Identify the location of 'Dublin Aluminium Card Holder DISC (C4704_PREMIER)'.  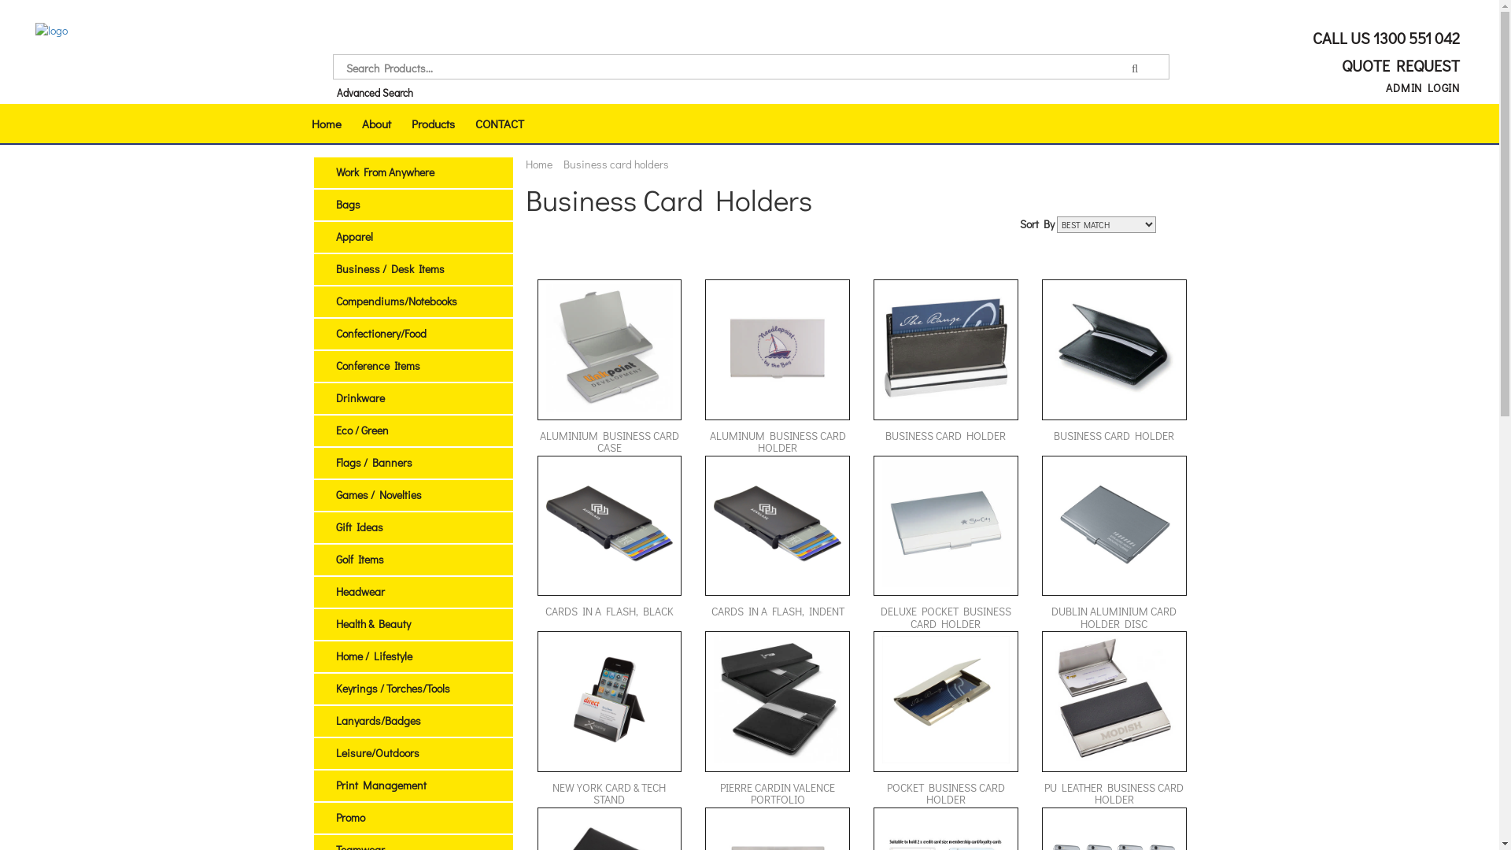
(1114, 524).